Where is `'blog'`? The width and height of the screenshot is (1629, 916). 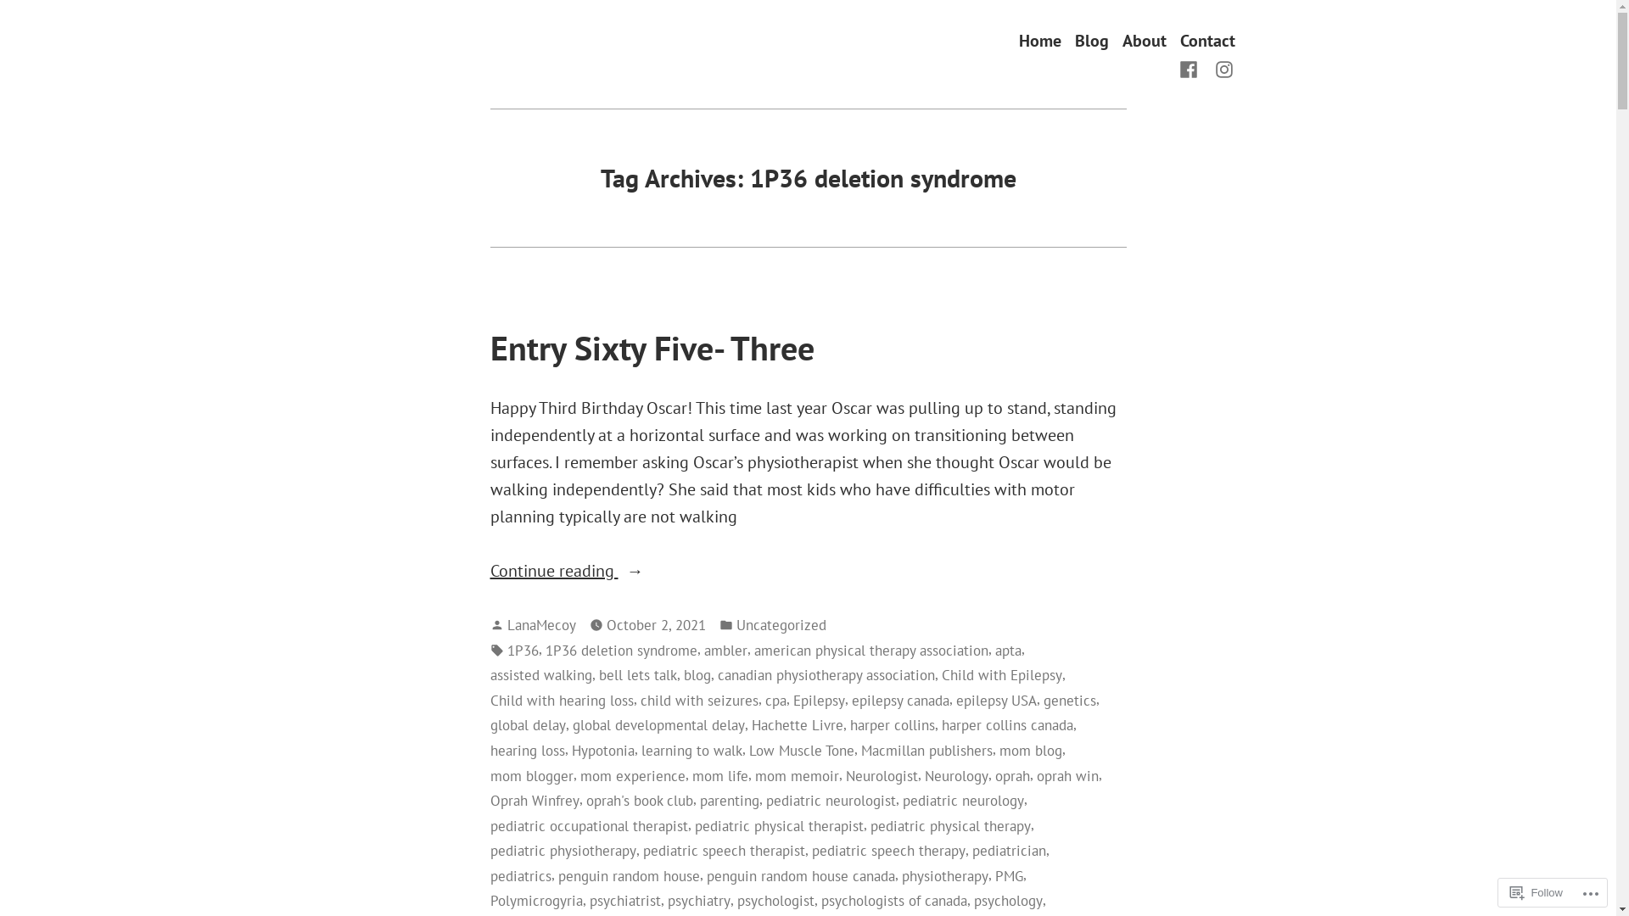 'blog' is located at coordinates (697, 673).